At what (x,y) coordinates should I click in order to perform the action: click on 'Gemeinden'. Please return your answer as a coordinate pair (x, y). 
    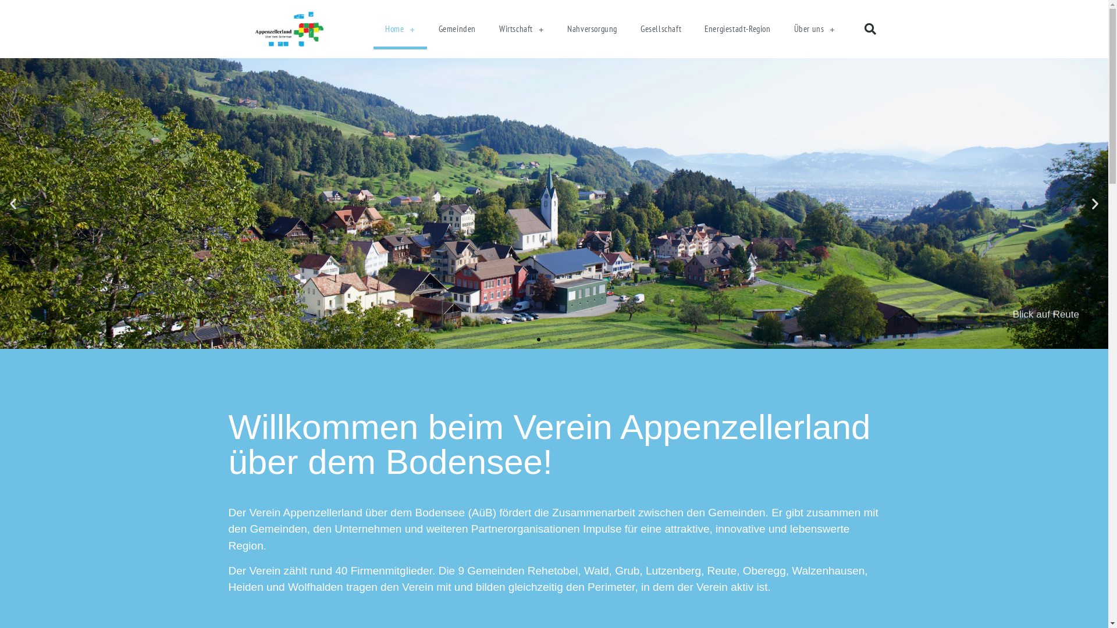
    Looking at the image, I should click on (457, 28).